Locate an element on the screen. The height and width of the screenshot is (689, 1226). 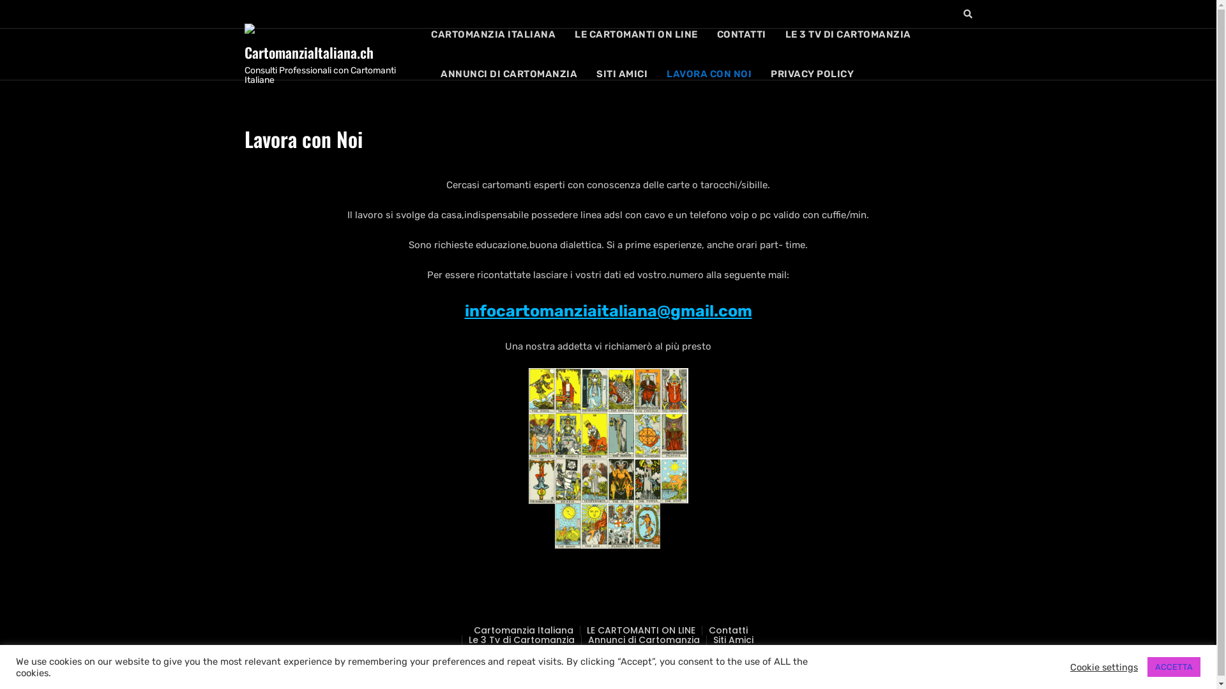
'Cookie settings' is located at coordinates (1103, 666).